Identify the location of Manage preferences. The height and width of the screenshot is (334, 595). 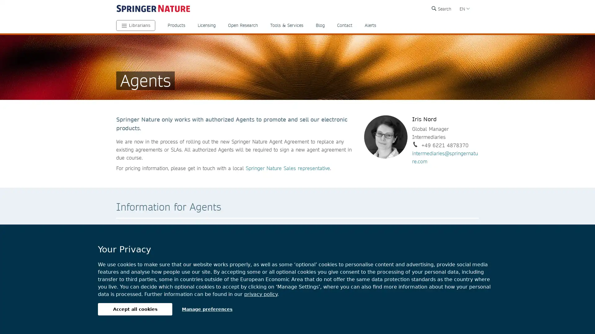
(207, 309).